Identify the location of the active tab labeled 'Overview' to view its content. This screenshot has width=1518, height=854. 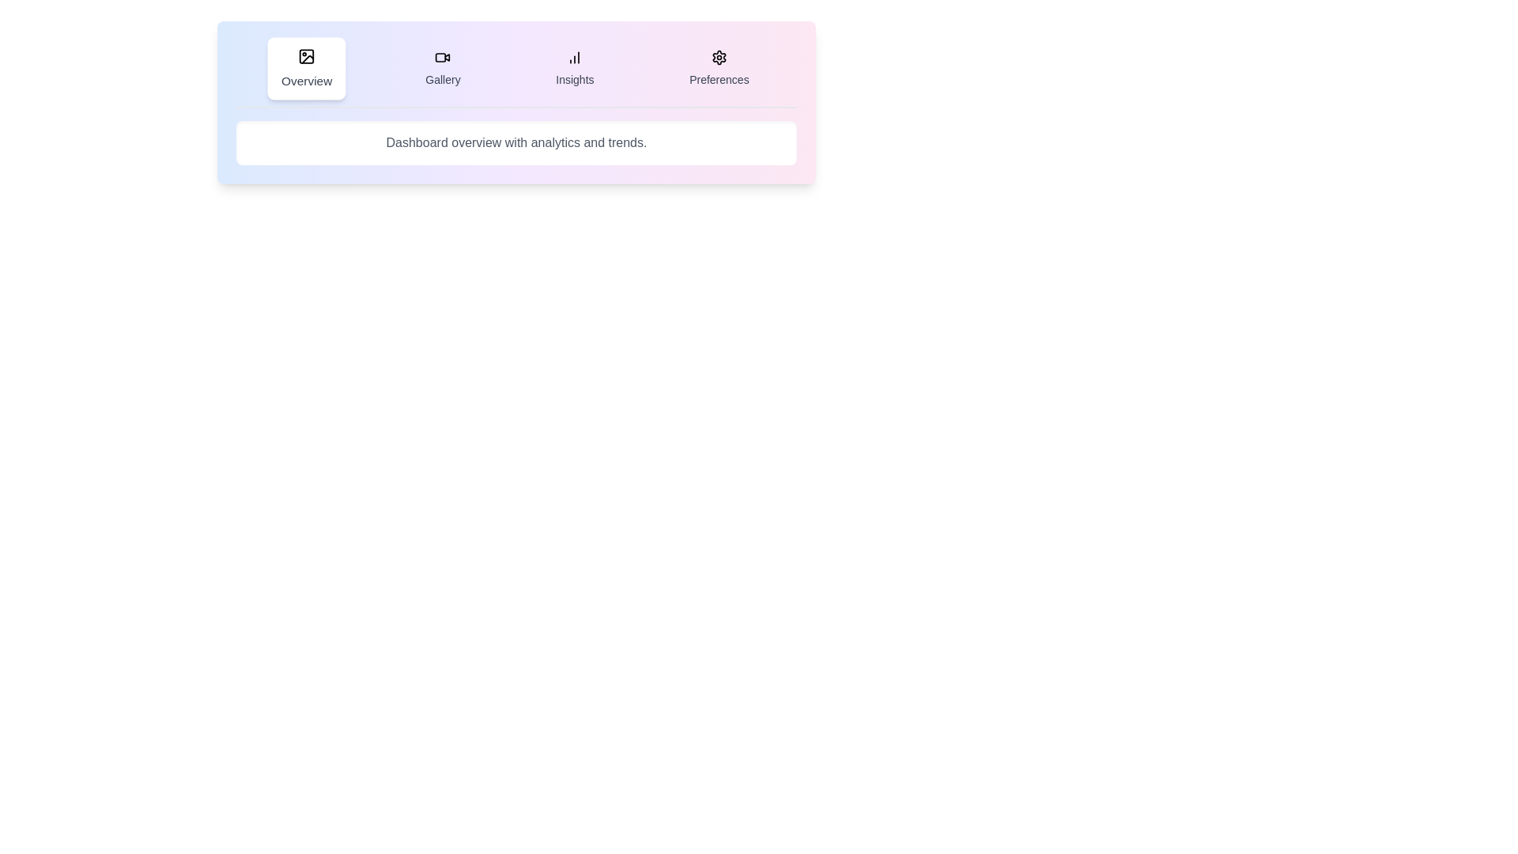
(307, 68).